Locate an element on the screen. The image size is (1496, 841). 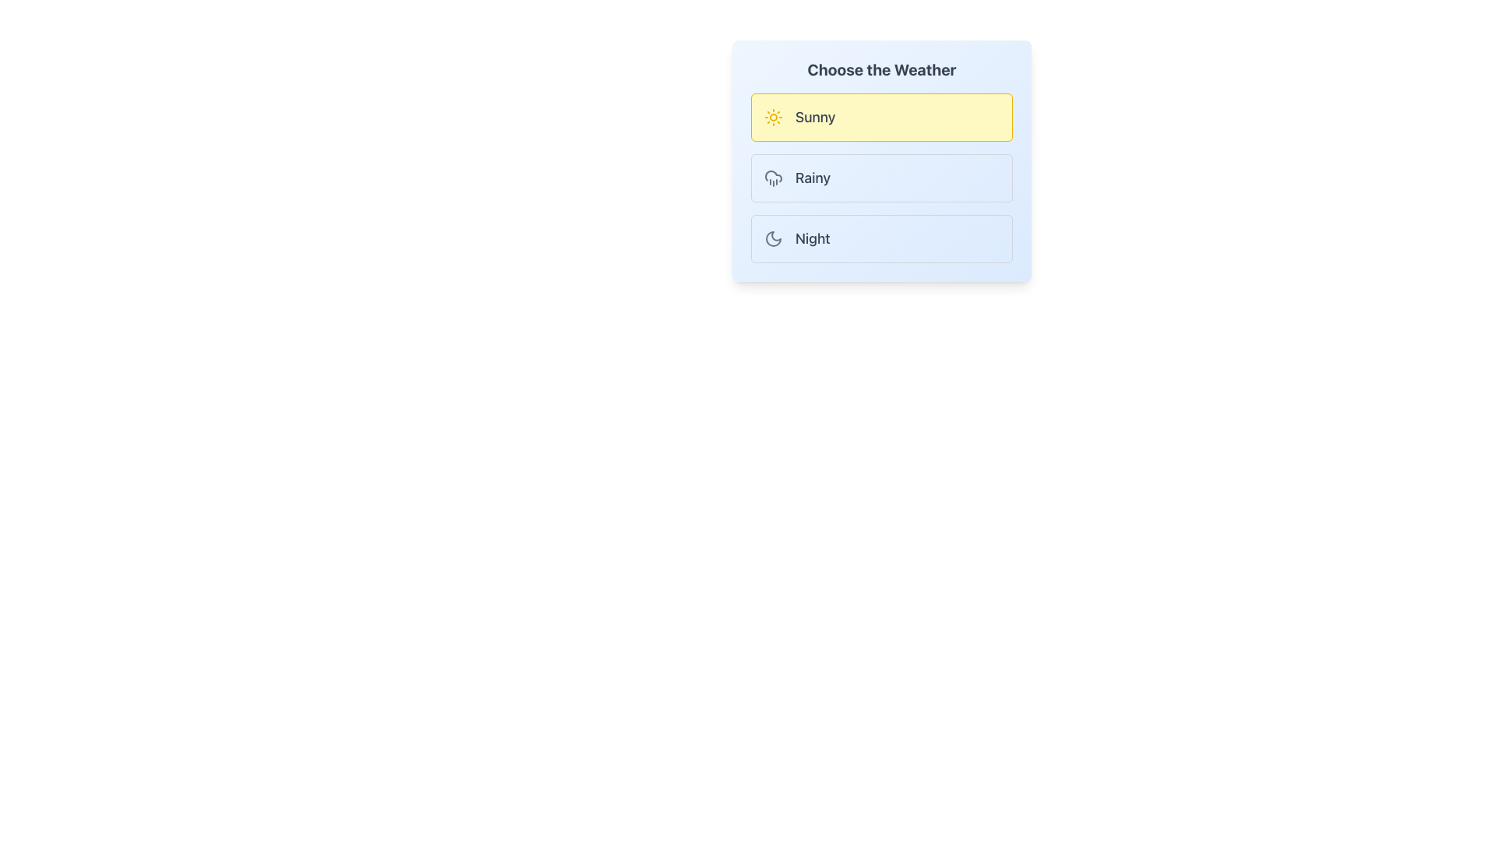
the text label 'Sunny' that is styled with a medium-sized, gray-colored font and is located within a yellow-highlighted rectangular block in the weather selection interface is located at coordinates (814, 116).